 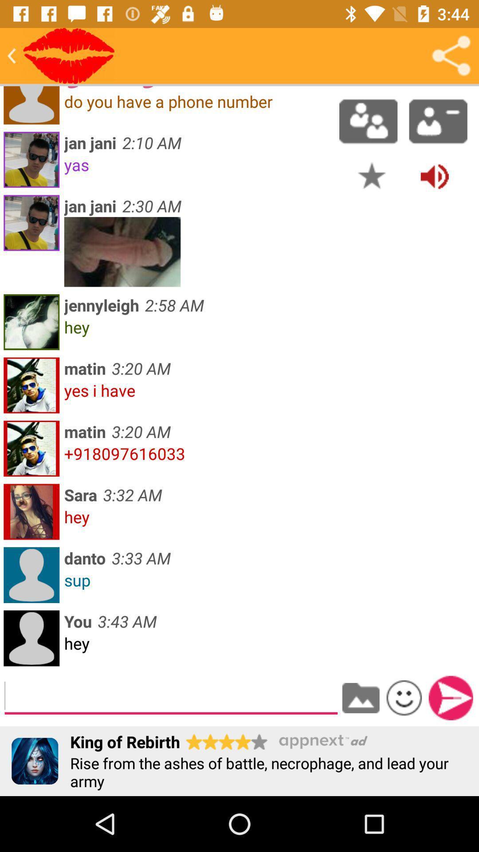 What do you see at coordinates (368, 121) in the screenshot?
I see `group dialog` at bounding box center [368, 121].